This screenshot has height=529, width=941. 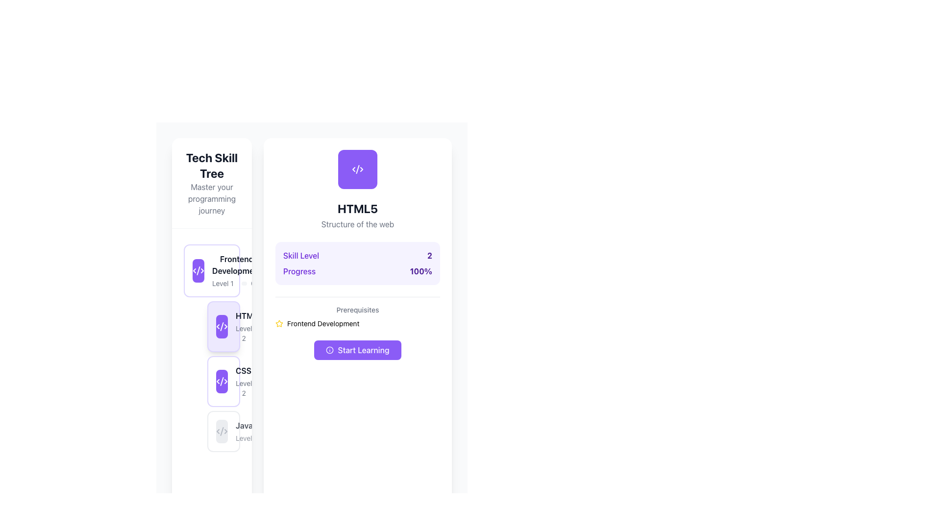 What do you see at coordinates (323, 323) in the screenshot?
I see `the Text Label indicating prerequisites for the related course located under the 'Prerequisites' section on the right-side panel` at bounding box center [323, 323].